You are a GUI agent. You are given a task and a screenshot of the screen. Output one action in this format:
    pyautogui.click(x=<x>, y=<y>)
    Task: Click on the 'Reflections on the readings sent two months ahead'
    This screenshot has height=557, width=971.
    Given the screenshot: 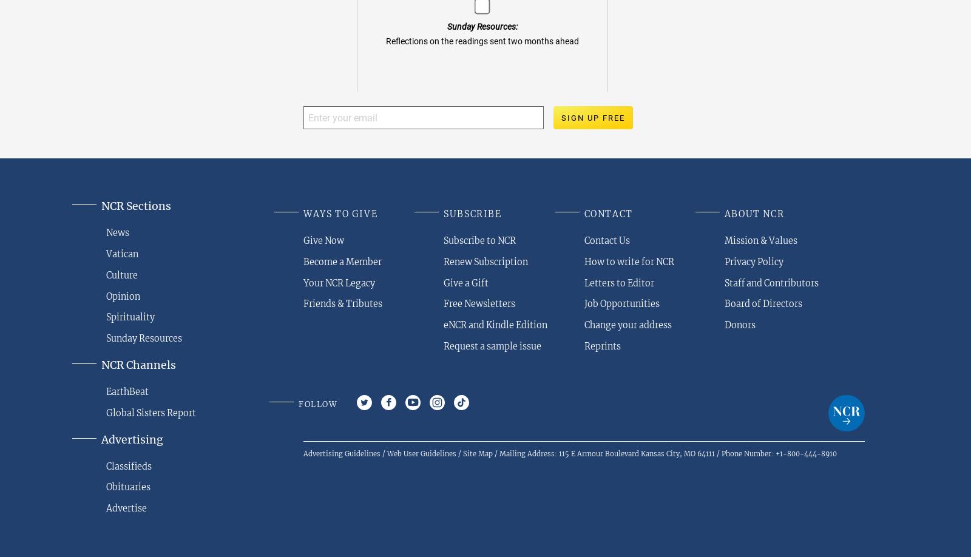 What is the action you would take?
    pyautogui.click(x=481, y=41)
    